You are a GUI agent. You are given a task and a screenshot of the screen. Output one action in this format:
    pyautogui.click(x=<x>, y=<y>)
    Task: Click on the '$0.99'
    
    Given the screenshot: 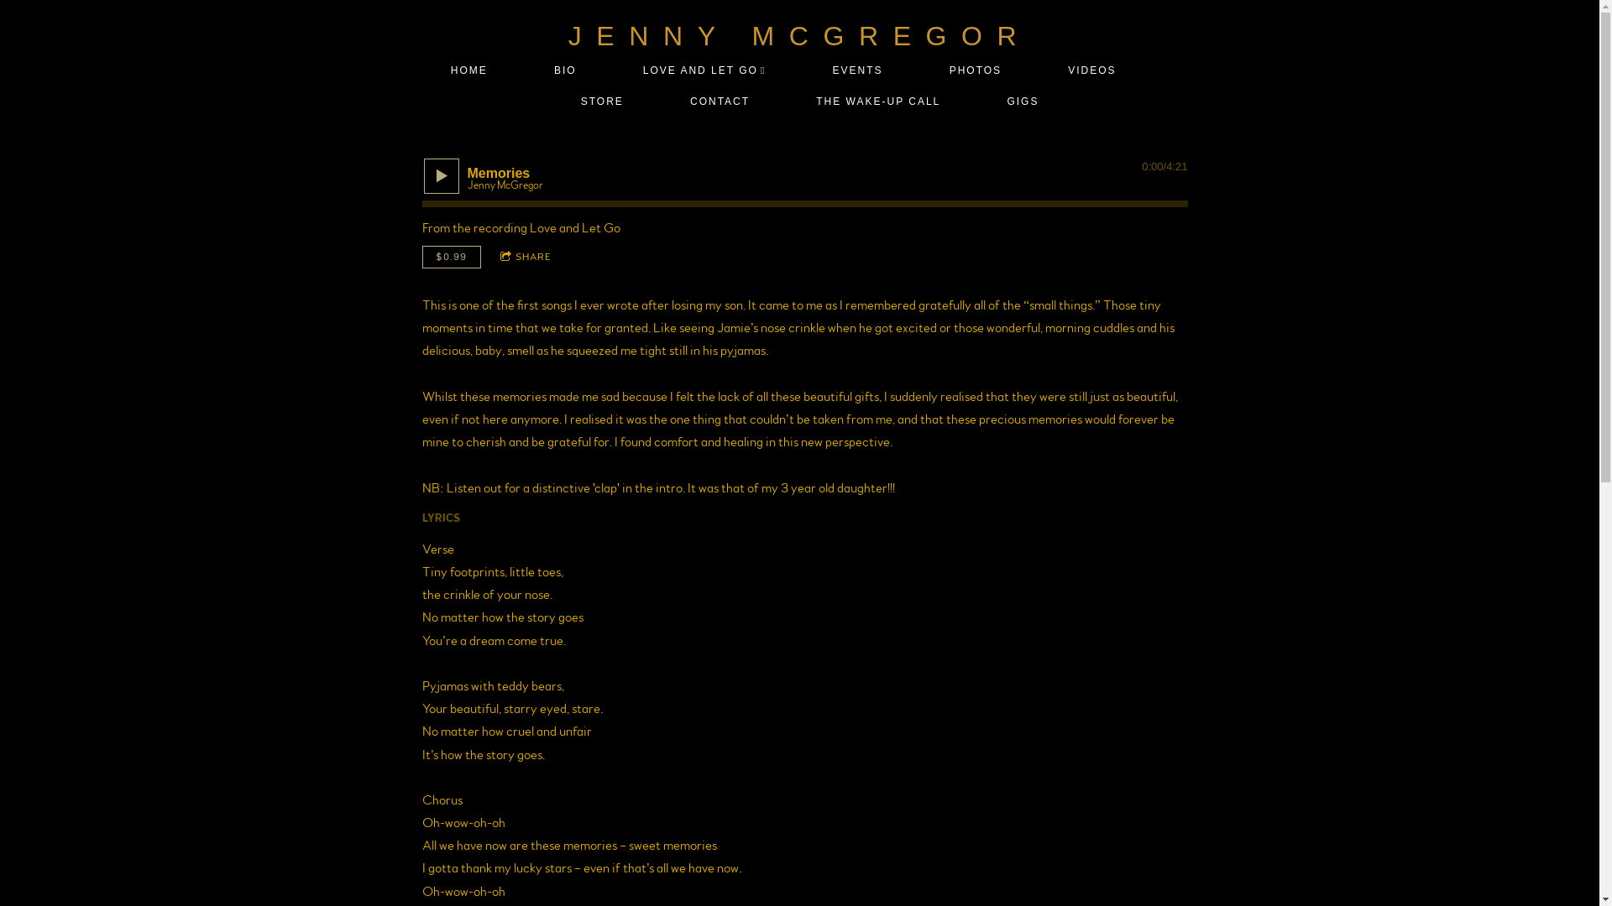 What is the action you would take?
    pyautogui.click(x=451, y=257)
    